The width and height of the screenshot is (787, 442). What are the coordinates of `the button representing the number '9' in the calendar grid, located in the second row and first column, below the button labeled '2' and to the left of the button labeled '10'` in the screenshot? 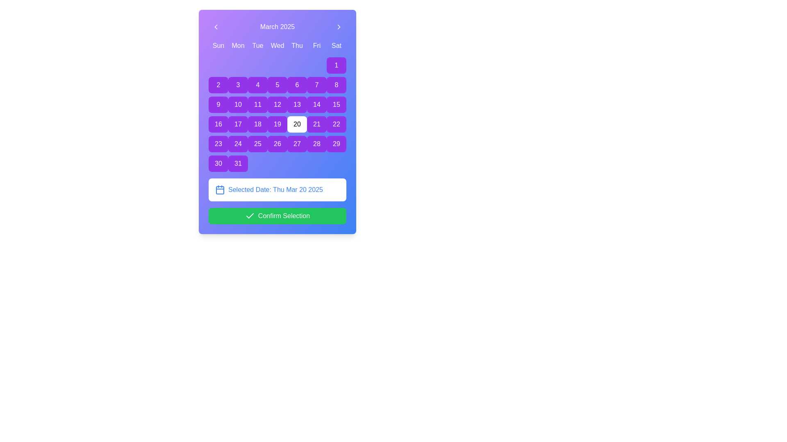 It's located at (218, 104).